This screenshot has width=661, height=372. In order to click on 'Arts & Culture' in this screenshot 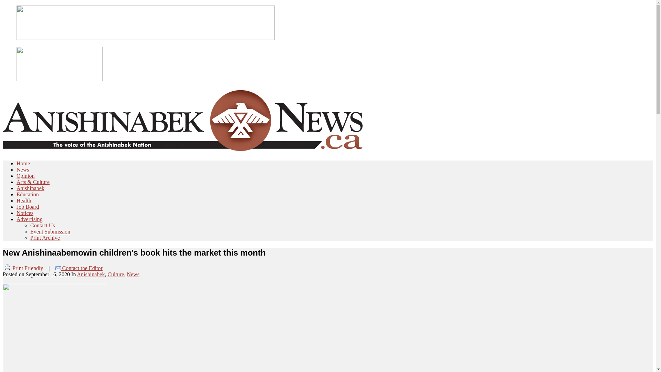, I will do `click(33, 182)`.